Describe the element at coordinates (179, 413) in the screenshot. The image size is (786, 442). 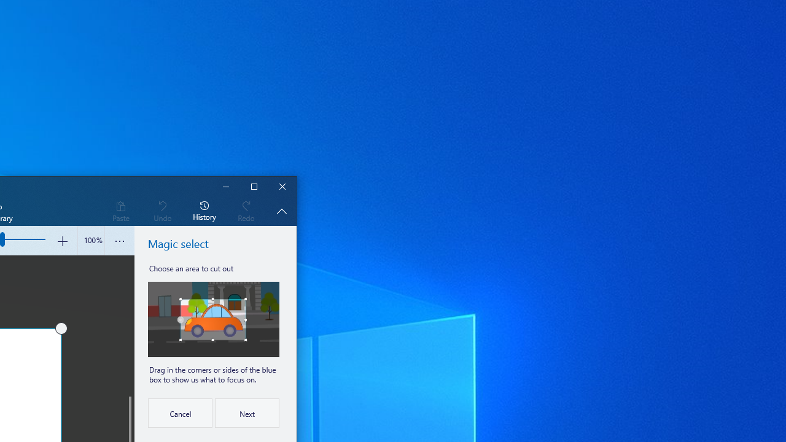
I see `'Cancel'` at that location.